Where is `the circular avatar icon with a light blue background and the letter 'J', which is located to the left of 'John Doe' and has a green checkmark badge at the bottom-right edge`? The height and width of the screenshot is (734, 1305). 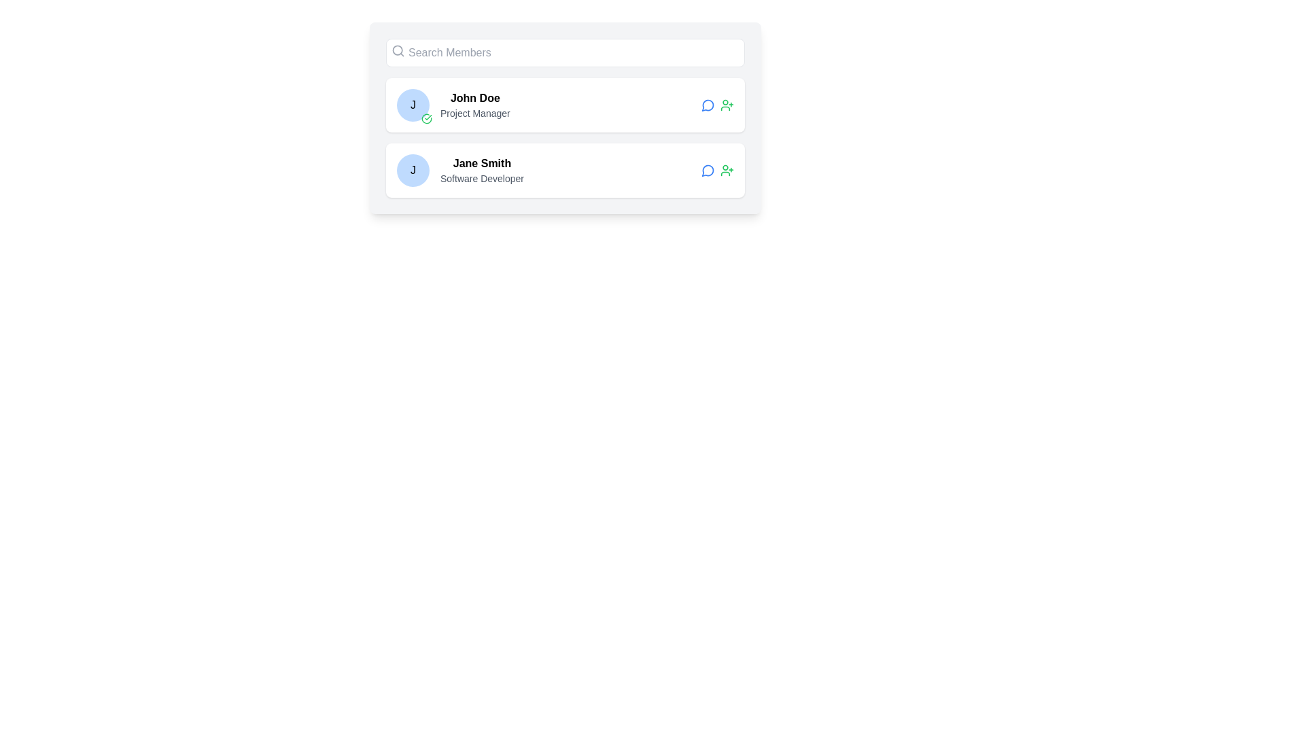
the circular avatar icon with a light blue background and the letter 'J', which is located to the left of 'John Doe' and has a green checkmark badge at the bottom-right edge is located at coordinates (413, 104).